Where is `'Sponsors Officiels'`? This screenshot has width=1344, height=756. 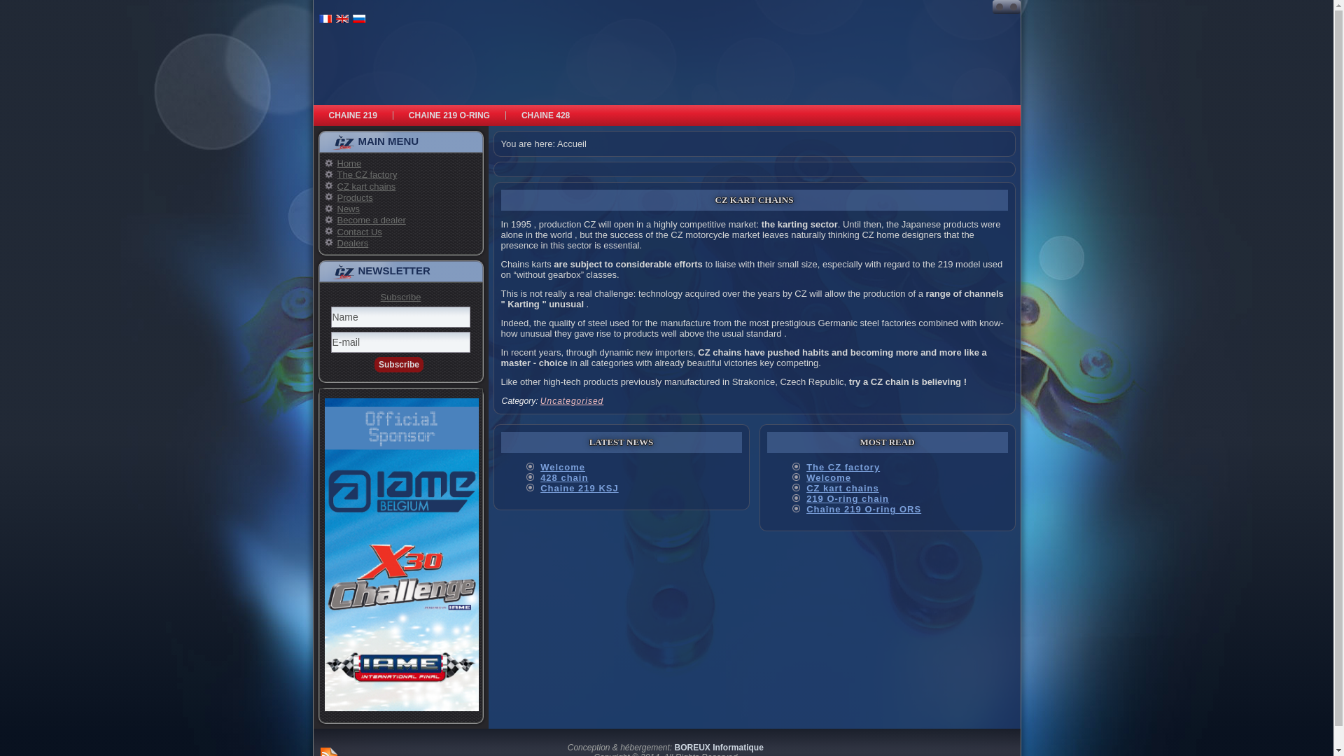
'Sponsors Officiels' is located at coordinates (324, 554).